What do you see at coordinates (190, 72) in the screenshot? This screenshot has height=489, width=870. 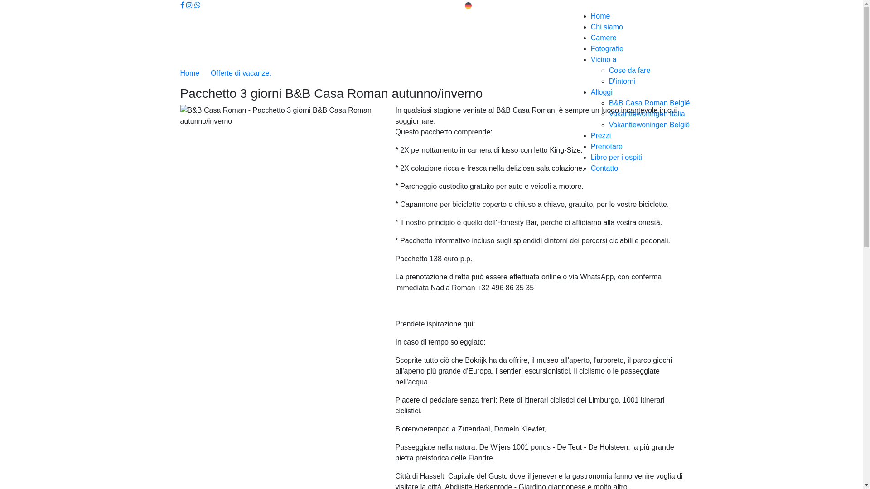 I see `'Home'` at bounding box center [190, 72].